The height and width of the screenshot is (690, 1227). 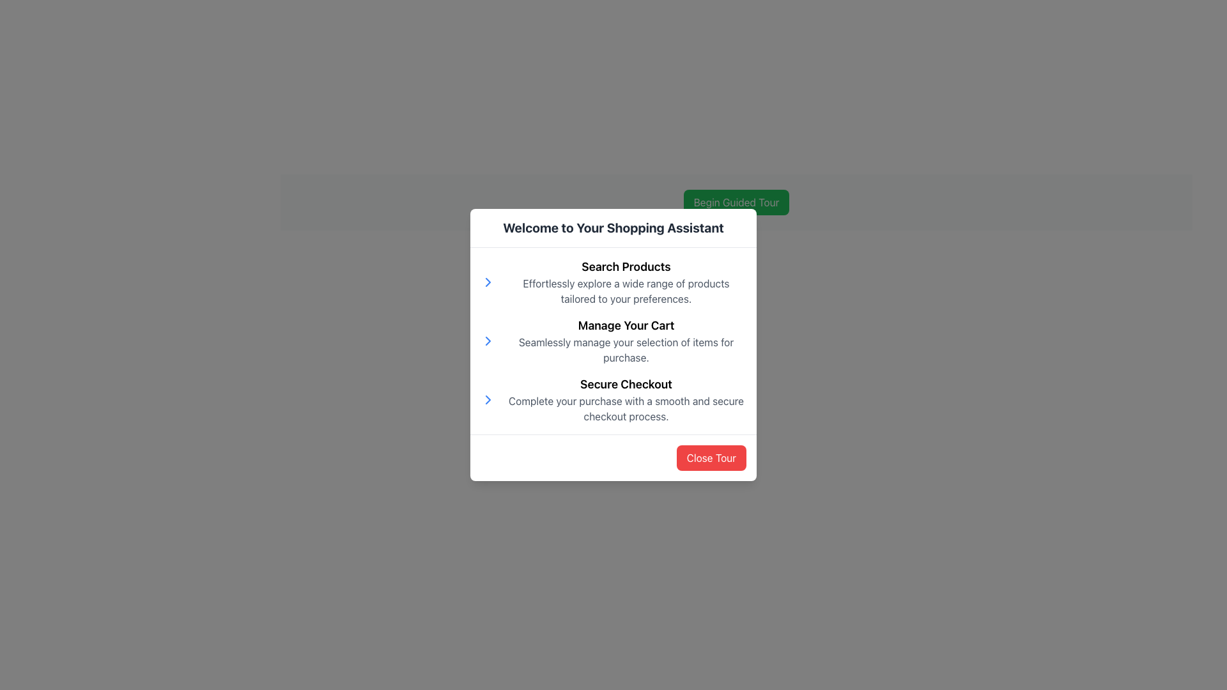 I want to click on description of the 'Search Products' feature located in the first text block of the centered modal box, so click(x=613, y=282).